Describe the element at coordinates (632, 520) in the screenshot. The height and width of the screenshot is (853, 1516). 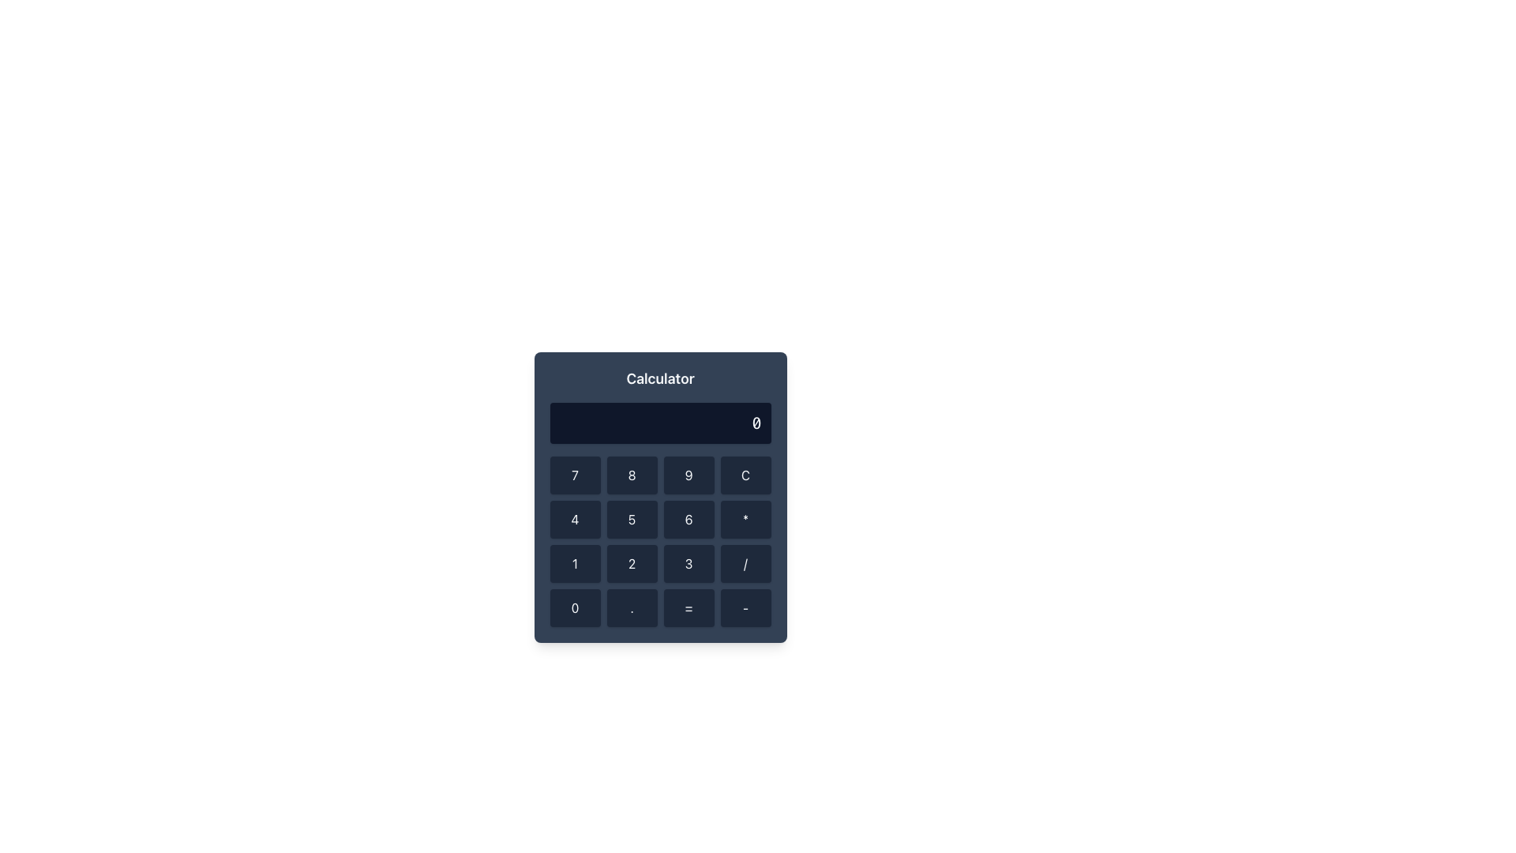
I see `the numeric input button for '5' on the calculator interface to input the number 5` at that location.